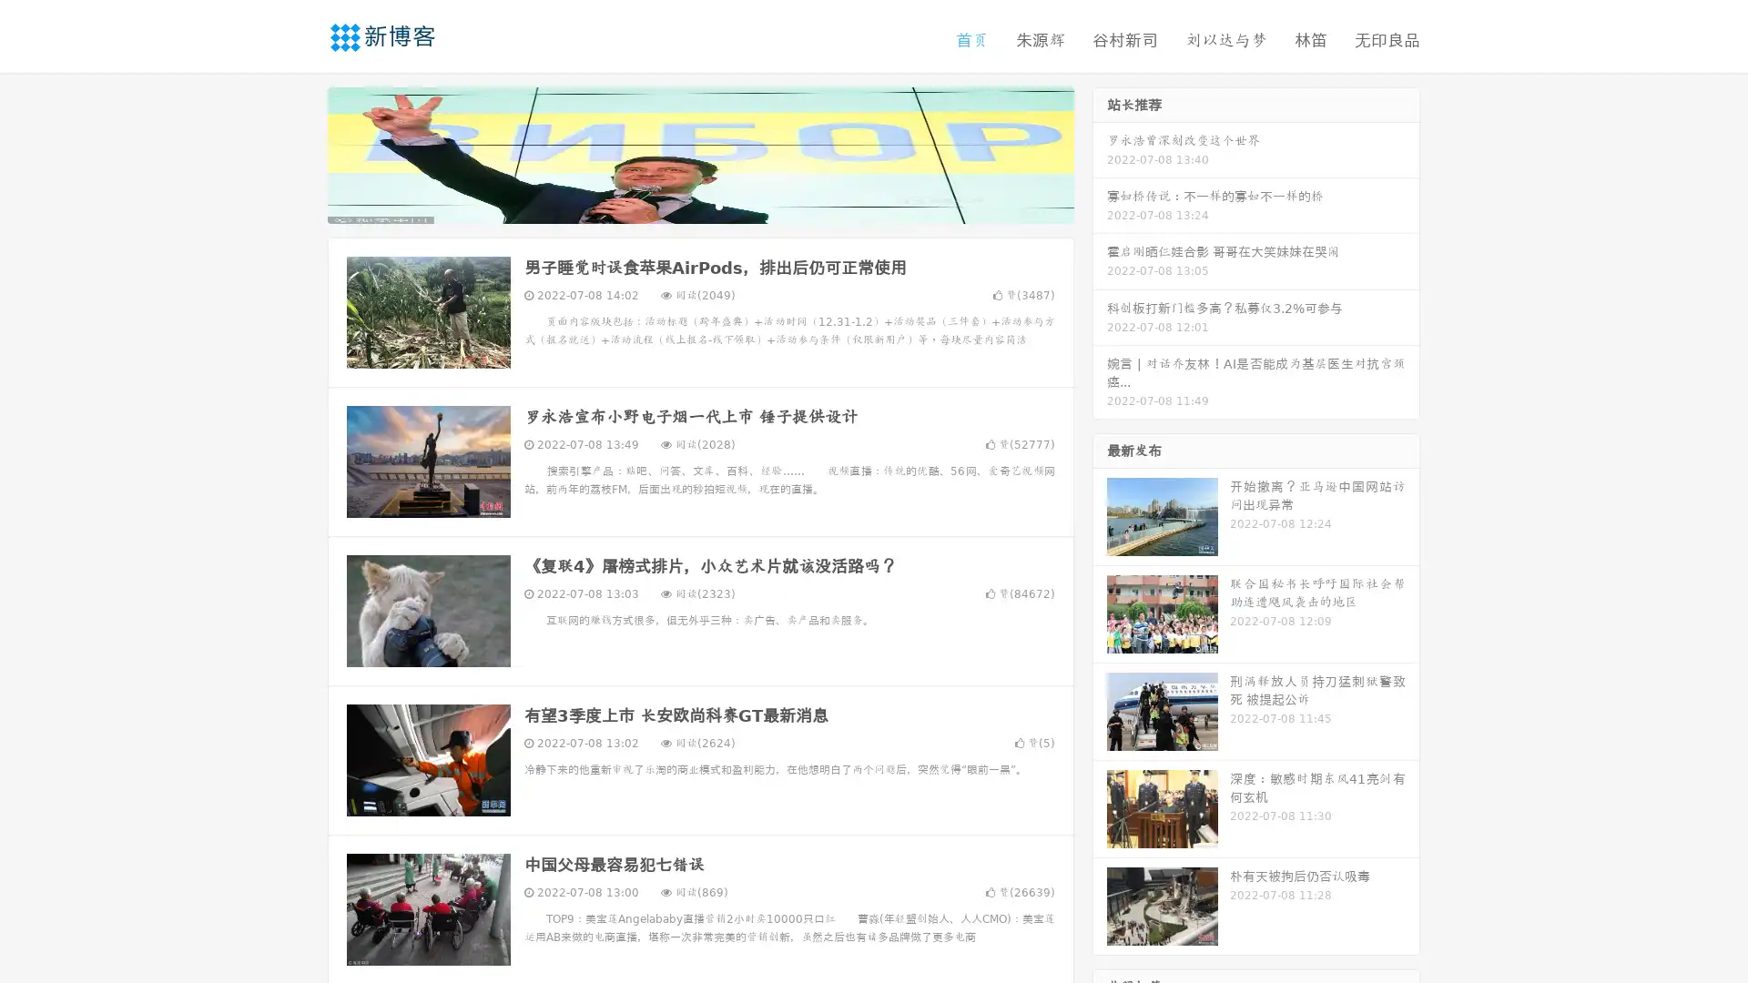 The height and width of the screenshot is (983, 1748). I want to click on Next slide, so click(1100, 153).